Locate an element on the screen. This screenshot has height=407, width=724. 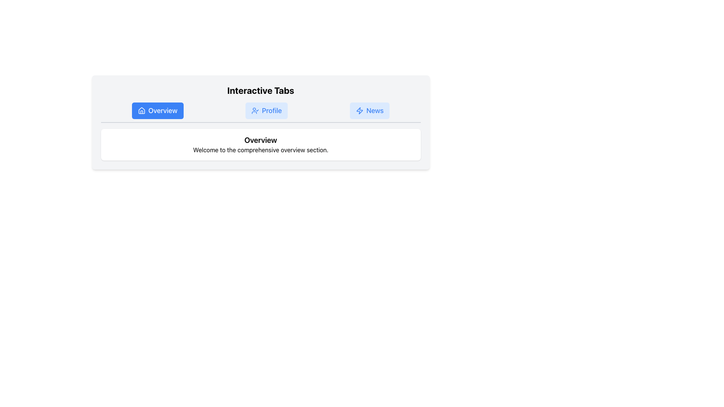
header text element located above the content 'Welcome to the comprehensive overview section.' is located at coordinates (261, 140).